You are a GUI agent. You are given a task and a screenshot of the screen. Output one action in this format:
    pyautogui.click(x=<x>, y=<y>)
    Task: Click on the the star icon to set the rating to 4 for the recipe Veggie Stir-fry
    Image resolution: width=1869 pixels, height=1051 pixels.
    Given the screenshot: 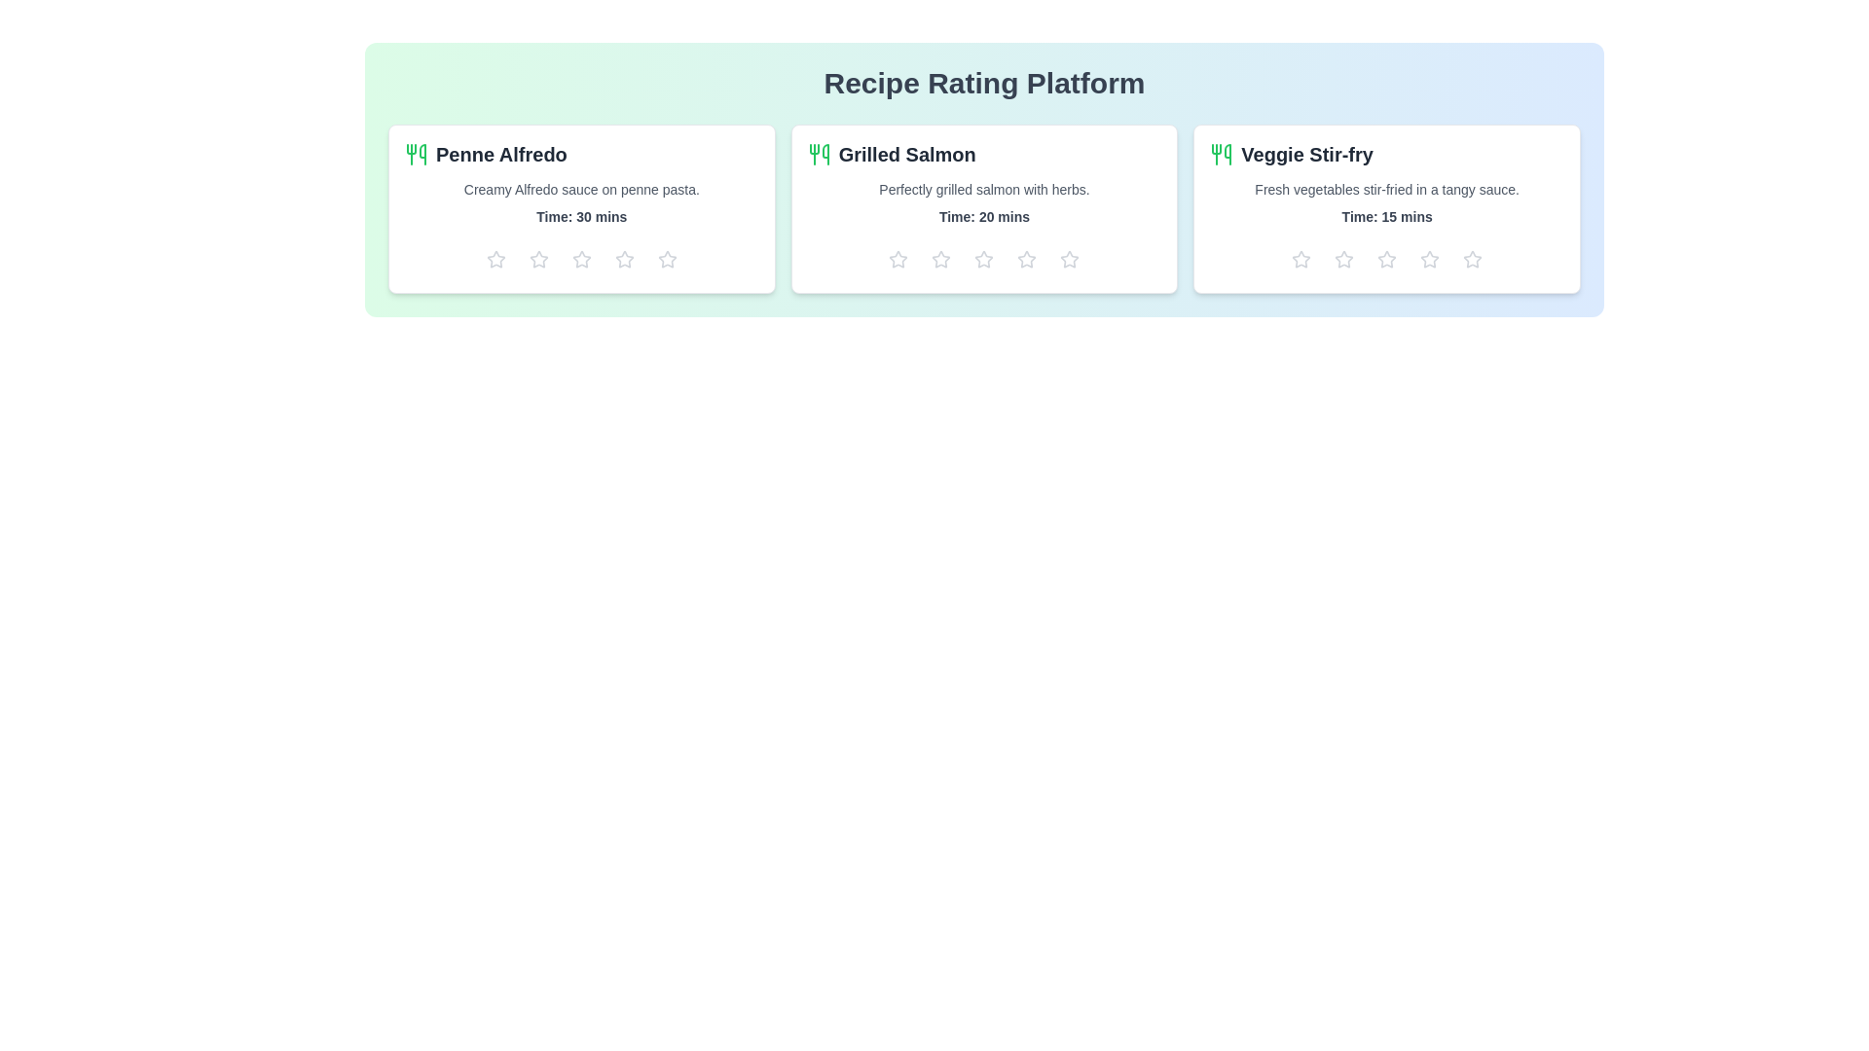 What is the action you would take?
    pyautogui.click(x=1430, y=258)
    